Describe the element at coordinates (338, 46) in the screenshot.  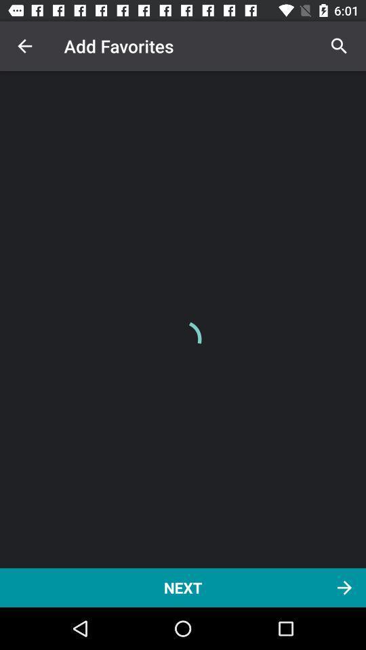
I see `the item next to the add favorites` at that location.